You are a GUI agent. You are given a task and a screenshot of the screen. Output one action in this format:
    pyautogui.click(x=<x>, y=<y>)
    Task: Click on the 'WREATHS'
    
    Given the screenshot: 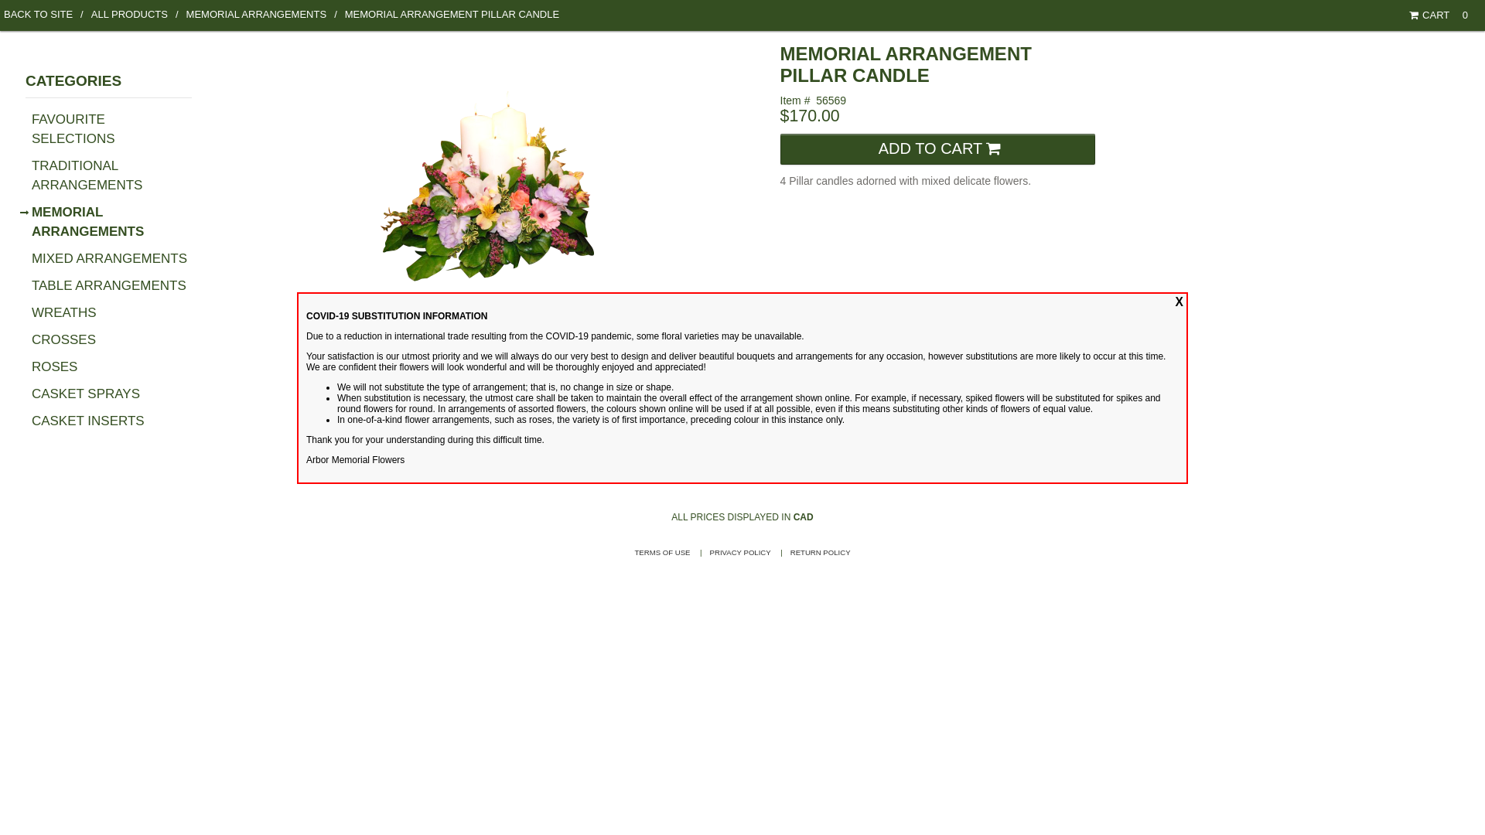 What is the action you would take?
    pyautogui.click(x=63, y=312)
    